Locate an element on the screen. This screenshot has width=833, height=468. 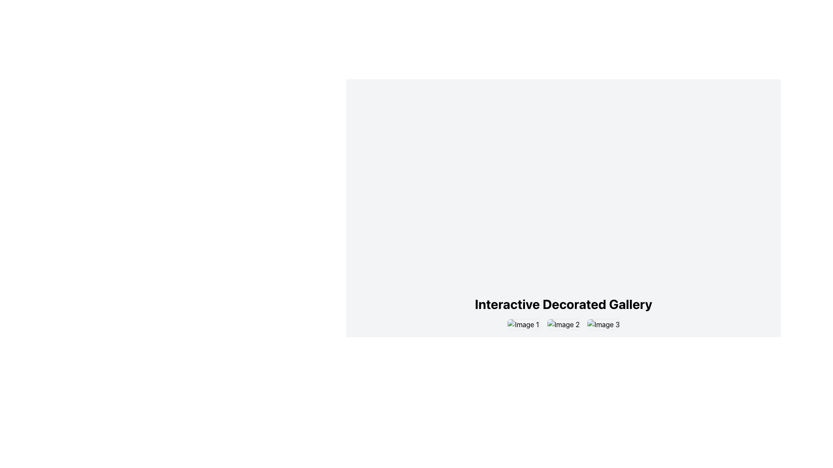
the decorative SVG graphic component representing a camera, located at the center bottom of the interface, under the 'Interactive Decorated Gallery' text is located at coordinates (564, 324).